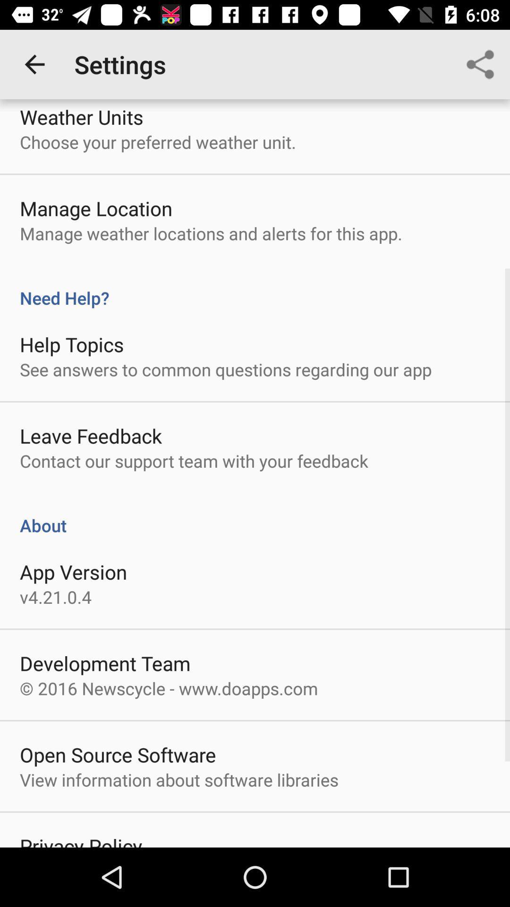 This screenshot has width=510, height=907. I want to click on the manage location icon, so click(96, 208).